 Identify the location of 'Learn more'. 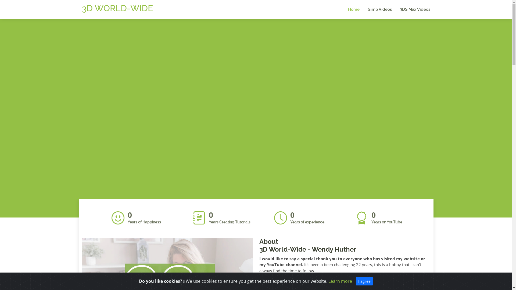
(340, 281).